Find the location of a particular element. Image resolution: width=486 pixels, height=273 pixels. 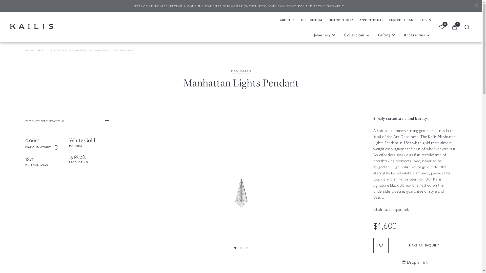

'Jewellery' is located at coordinates (324, 35).